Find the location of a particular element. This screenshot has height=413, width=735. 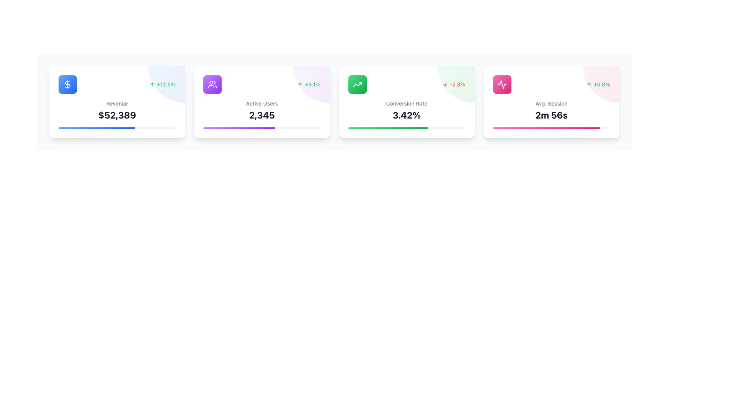

the text element that indicates a percentage increase for average session duration, located beside an upward arrow icon in the top right corner of the 'Avg. Session' card is located at coordinates (601, 84).